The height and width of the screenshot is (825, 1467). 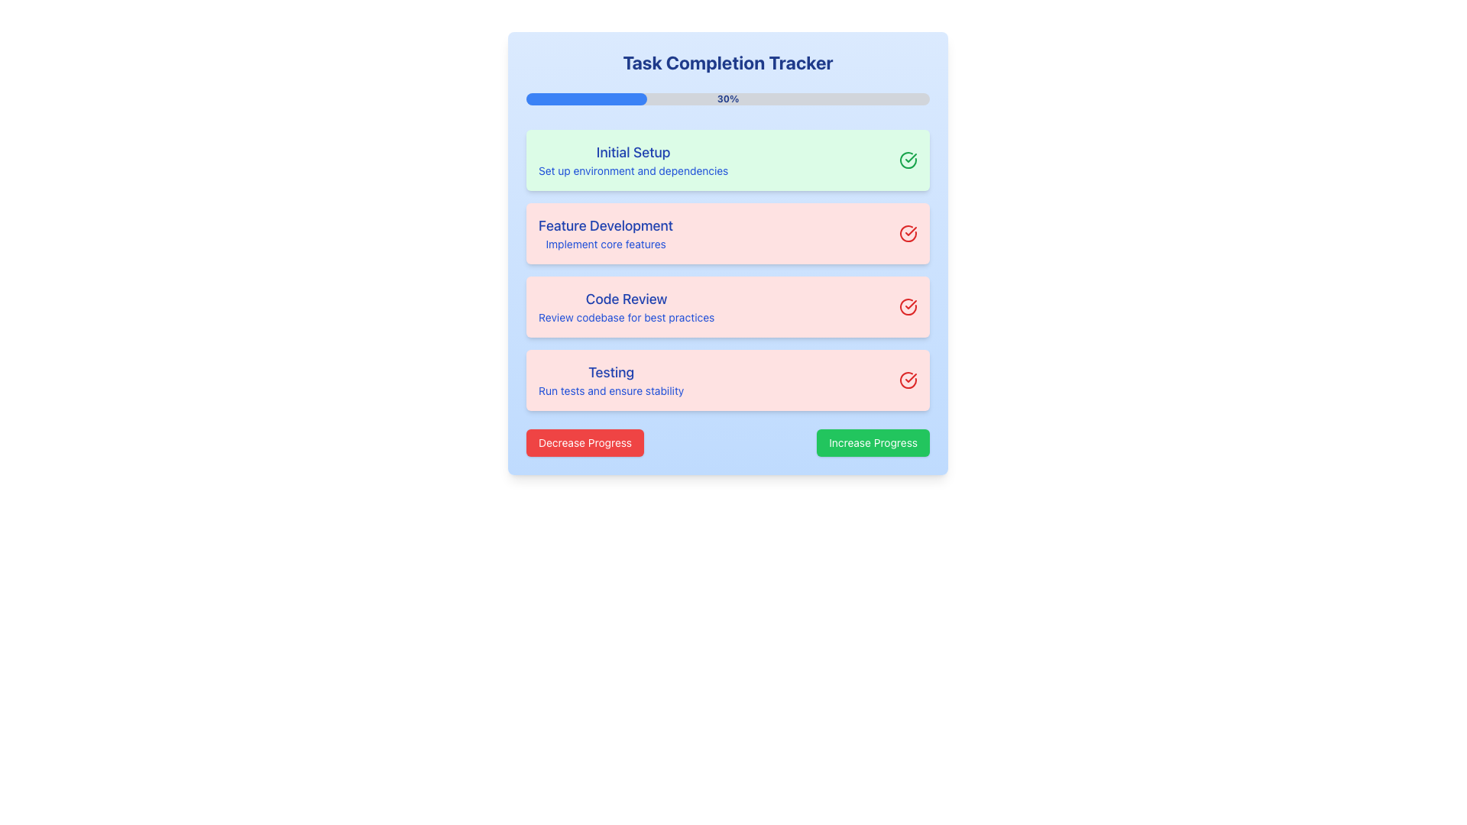 What do you see at coordinates (727, 233) in the screenshot?
I see `the Task item display block titled 'Feature Development' with a light red background and a red circular checkmark icon` at bounding box center [727, 233].